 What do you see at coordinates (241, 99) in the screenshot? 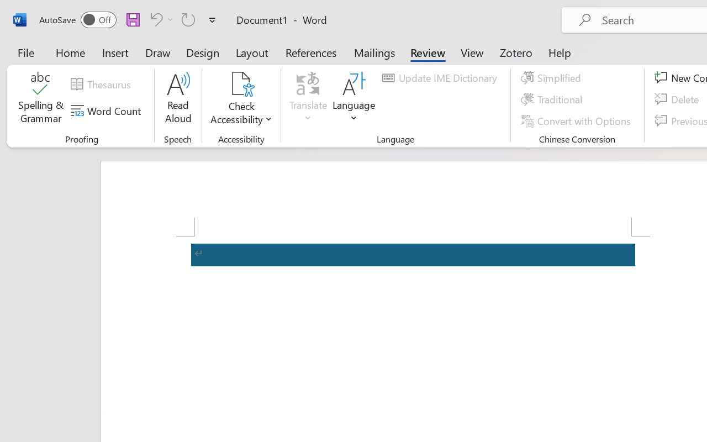
I see `'Check Accessibility'` at bounding box center [241, 99].